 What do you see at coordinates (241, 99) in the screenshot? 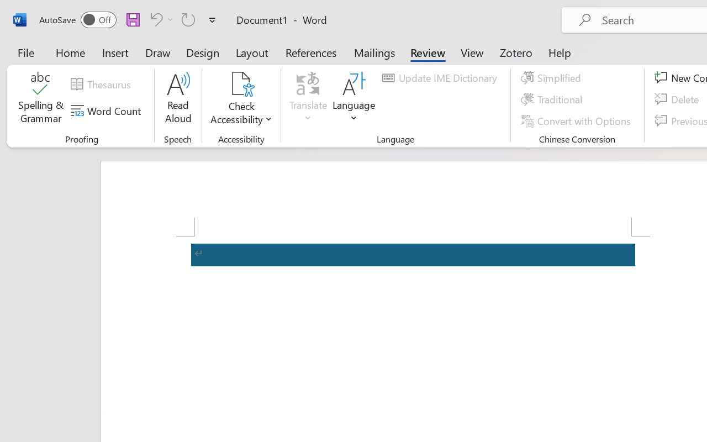
I see `'Check Accessibility'` at bounding box center [241, 99].